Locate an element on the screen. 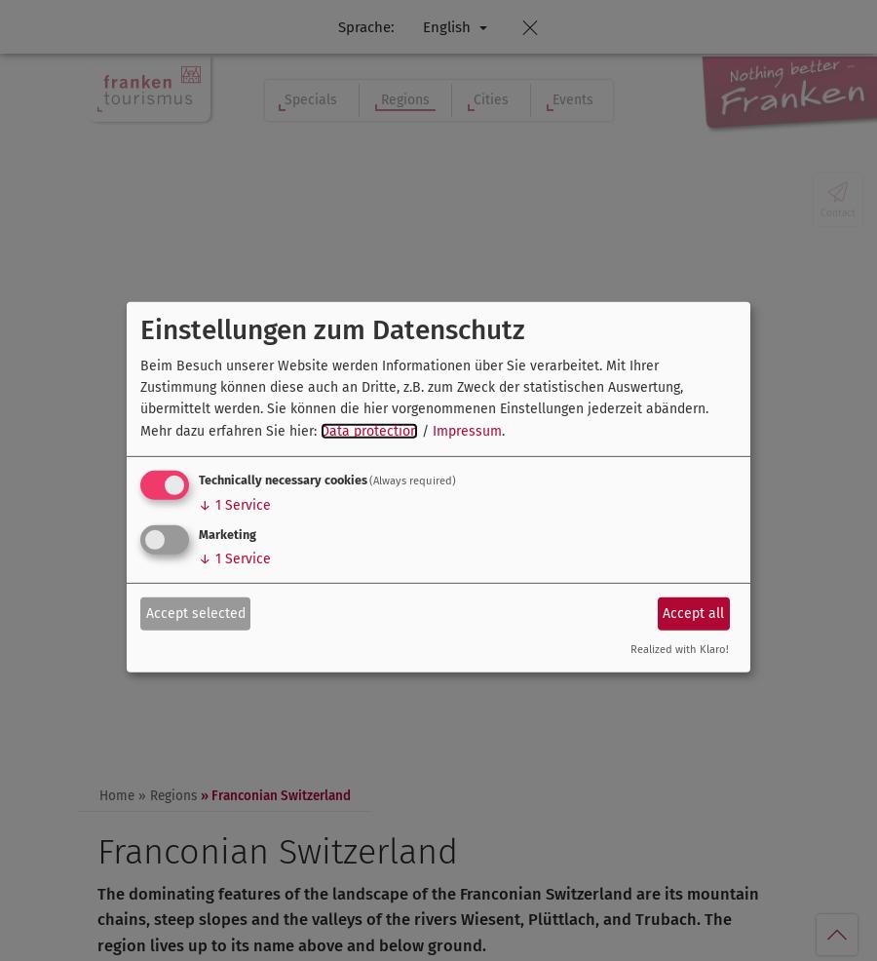  'Sprache:' is located at coordinates (365, 25).